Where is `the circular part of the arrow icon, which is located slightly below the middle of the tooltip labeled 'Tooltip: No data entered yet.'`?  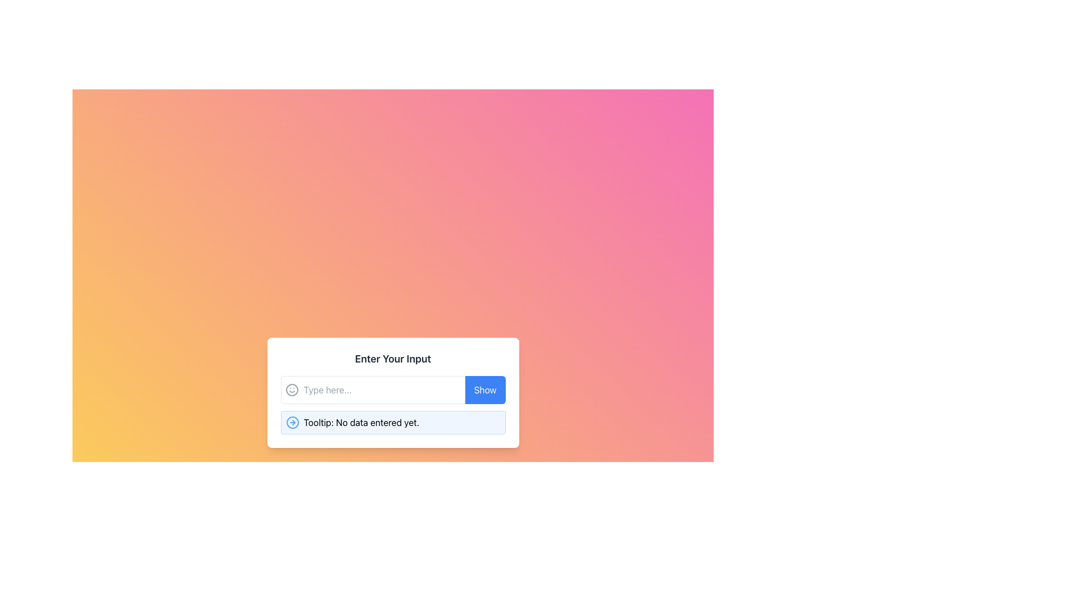 the circular part of the arrow icon, which is located slightly below the middle of the tooltip labeled 'Tooltip: No data entered yet.' is located at coordinates (292, 423).